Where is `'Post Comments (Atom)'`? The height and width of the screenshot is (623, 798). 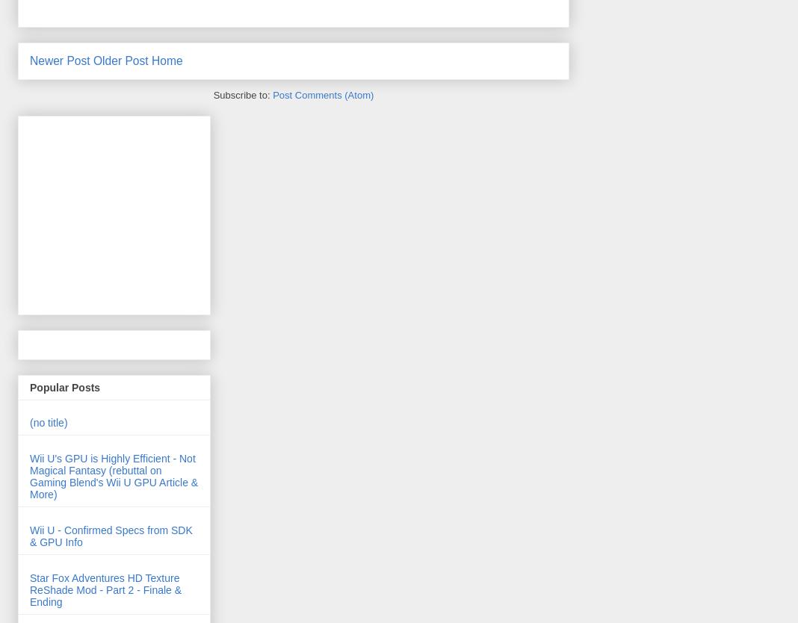
'Post Comments (Atom)' is located at coordinates (323, 93).